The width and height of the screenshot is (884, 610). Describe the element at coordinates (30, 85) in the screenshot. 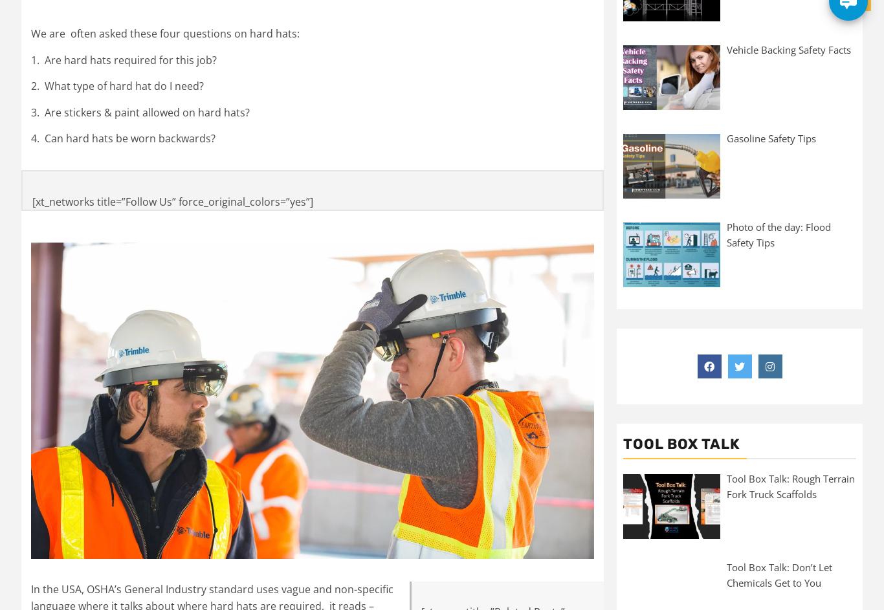

I see `'2.  What type of hard hat do I need?'` at that location.